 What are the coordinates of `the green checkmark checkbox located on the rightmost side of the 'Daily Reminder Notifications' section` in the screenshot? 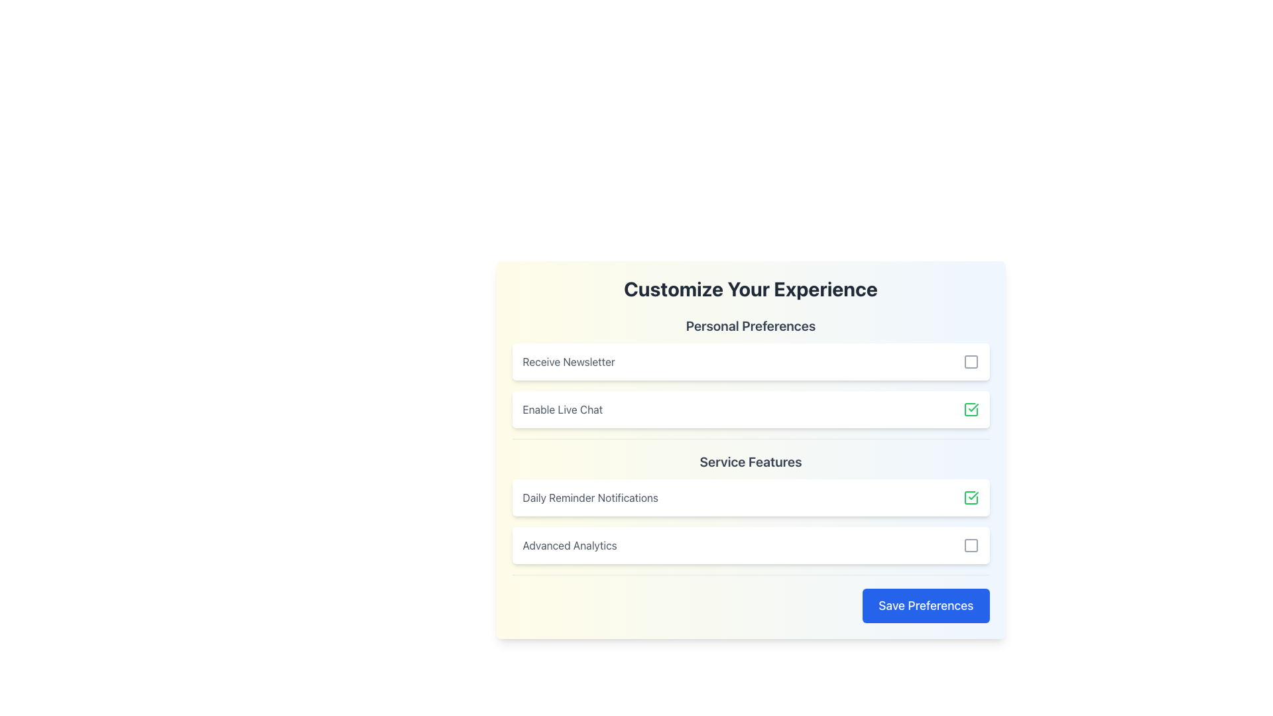 It's located at (971, 498).